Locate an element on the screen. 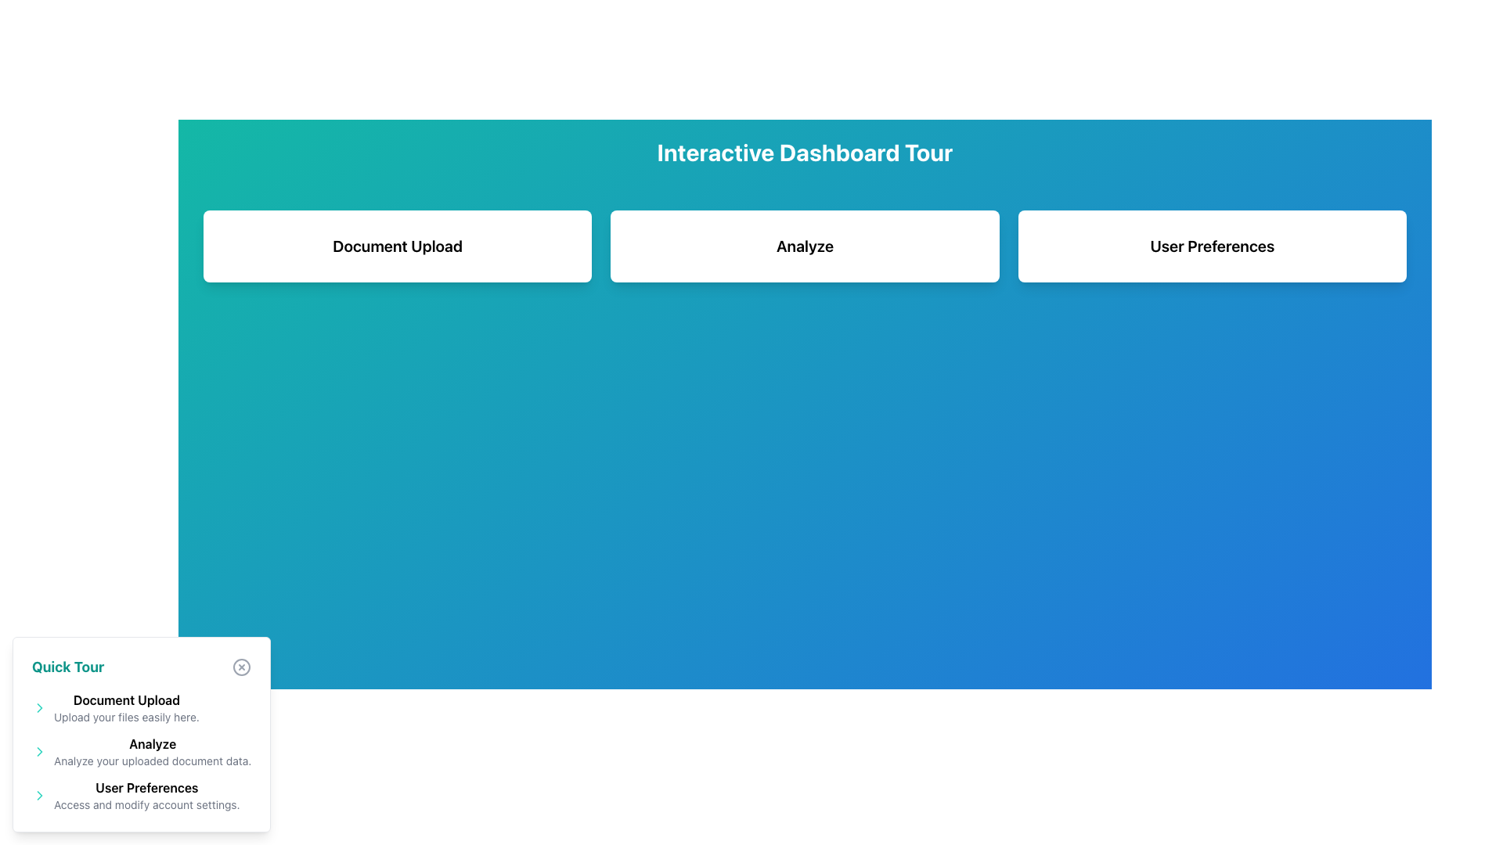 Image resolution: width=1503 pixels, height=845 pixels. the chevron icon indicating forward navigation next to 'User Preferences' in the 'Quick Tour' card is located at coordinates (40, 796).